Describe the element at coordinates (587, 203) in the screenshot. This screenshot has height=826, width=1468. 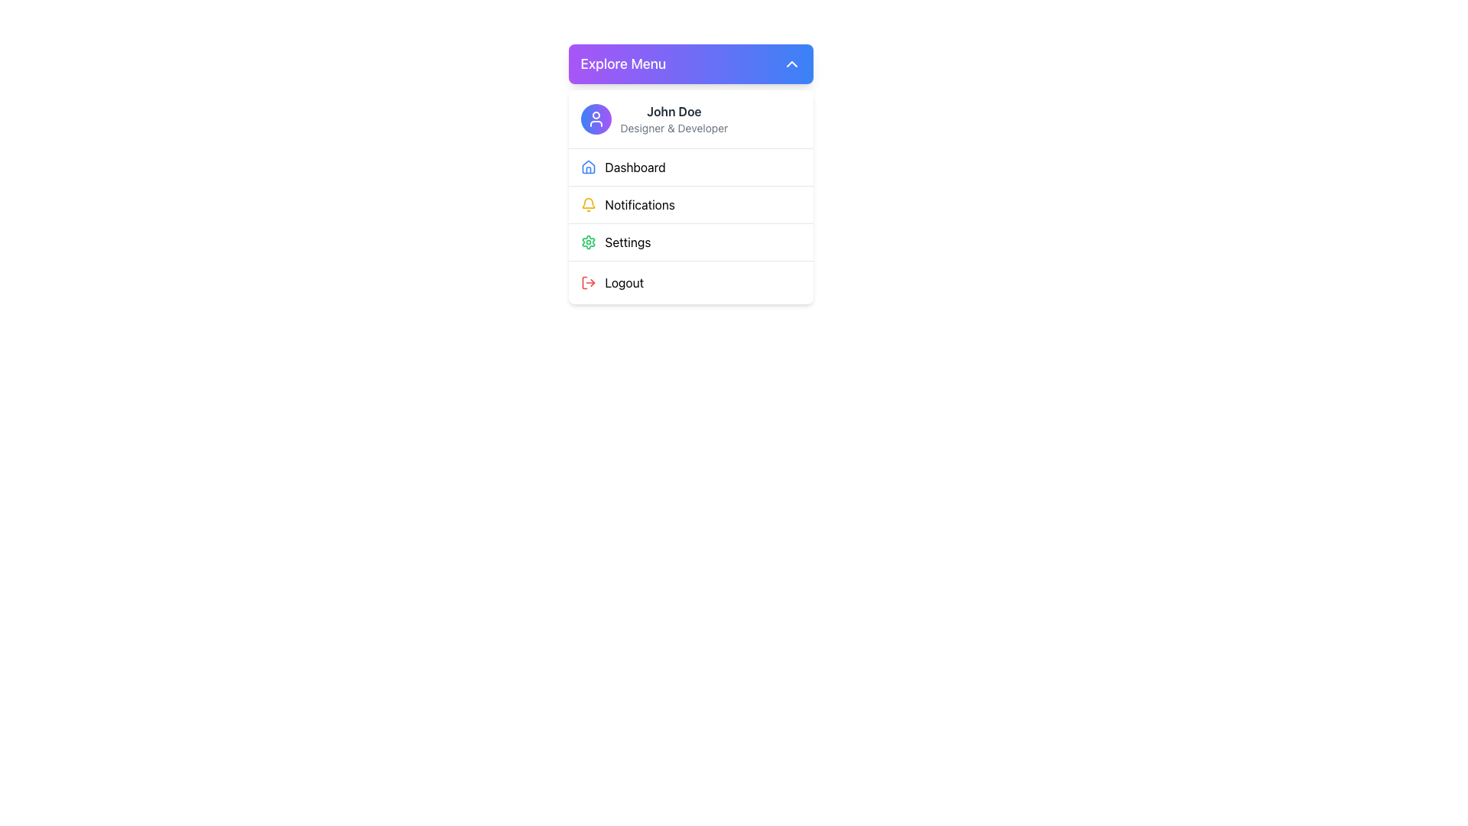
I see `the bell icon representing the 'Notifications' menu to trigger a tooltip` at that location.